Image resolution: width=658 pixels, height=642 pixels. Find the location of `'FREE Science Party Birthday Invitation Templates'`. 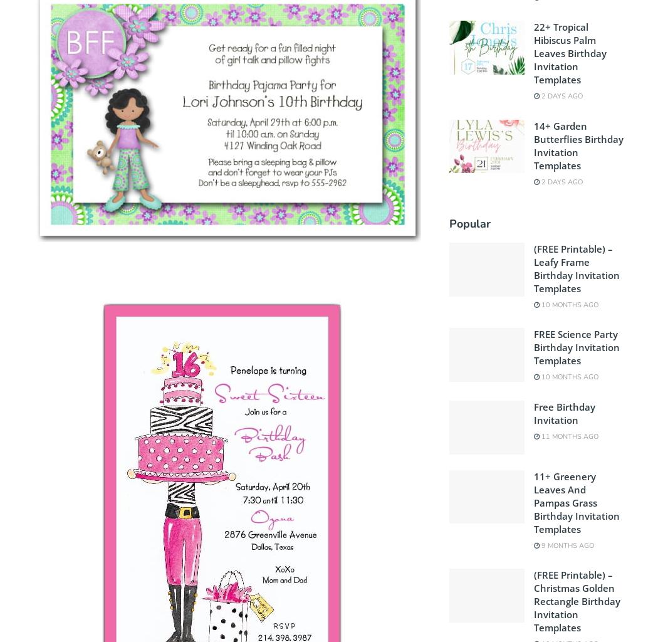

'FREE Science Party Birthday Invitation Templates' is located at coordinates (576, 347).